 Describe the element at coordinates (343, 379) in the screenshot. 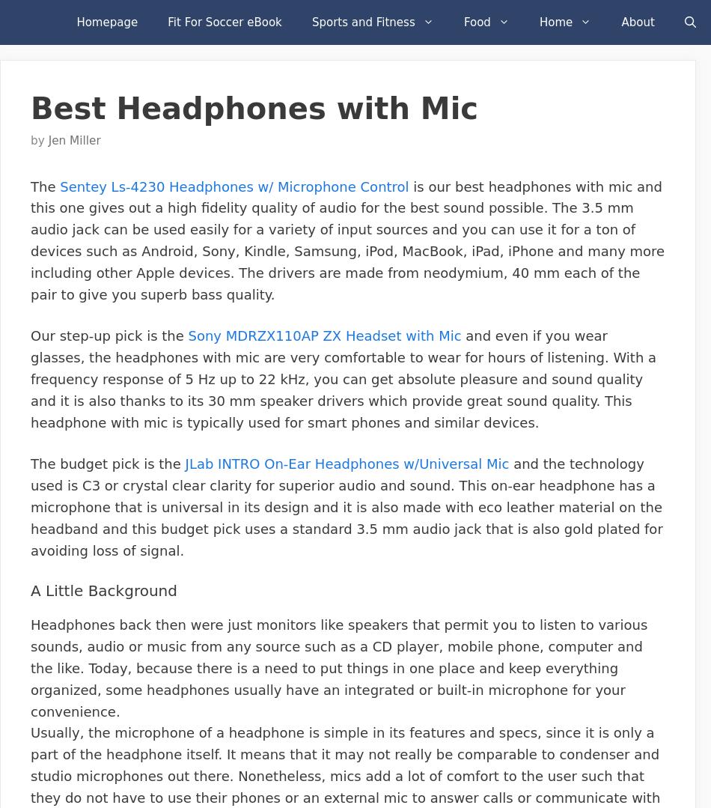

I see `'and even if you wear glasses, the headphones with mic are very comfortable to wear for hours of listening. With a frequency response of 5 Hz up to 22 kHz, you can get absolute pleasure and sound quality and it is also thanks to its 30 mm speaker drivers which provide great sound quality. This headphone with mic is typically used for smart phones and similar devices.'` at that location.